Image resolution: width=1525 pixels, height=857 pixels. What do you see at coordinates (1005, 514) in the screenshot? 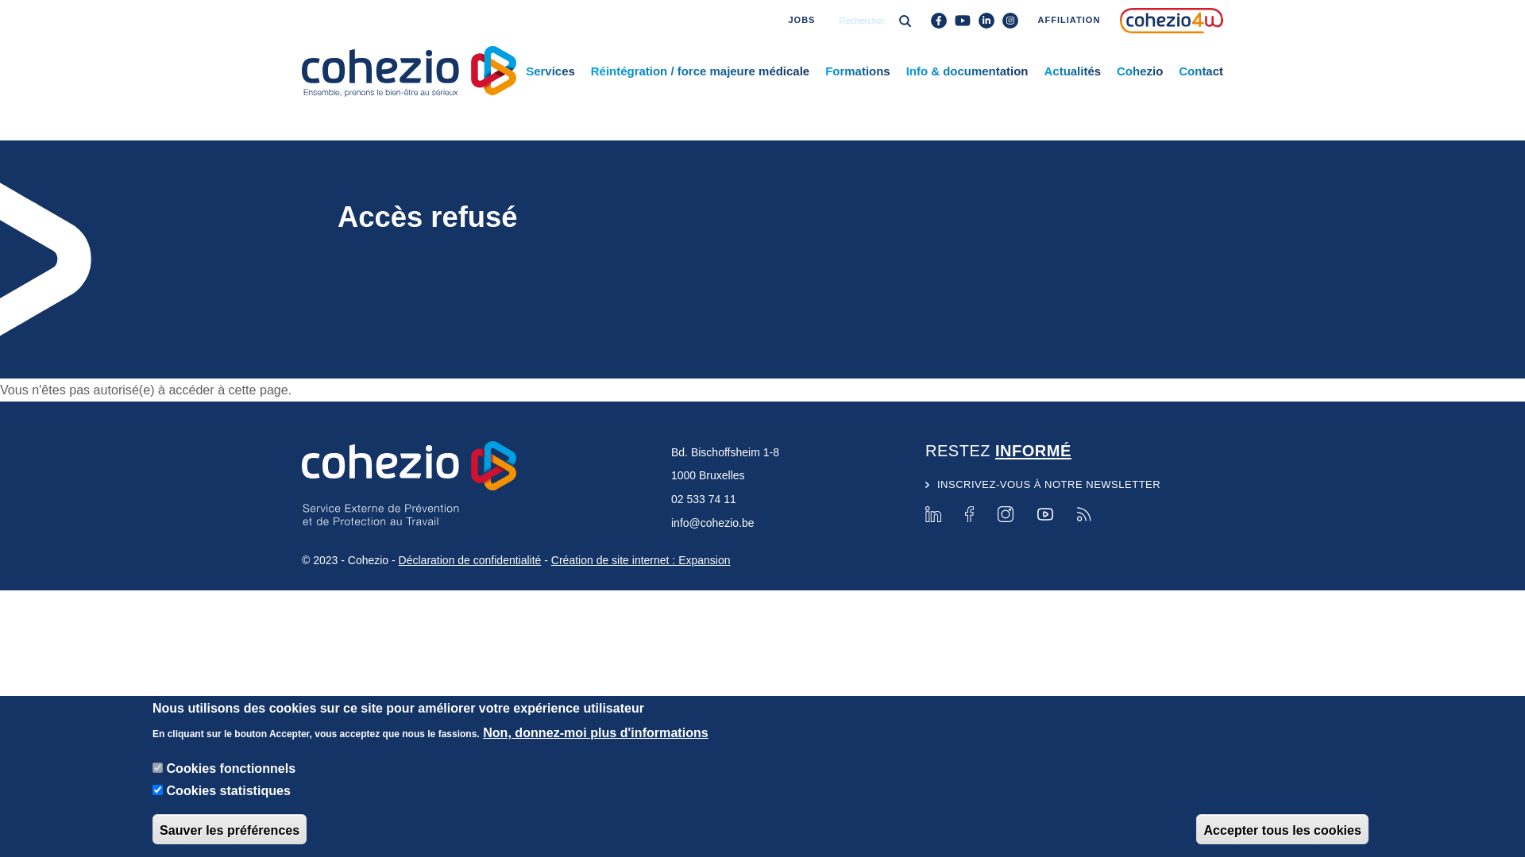
I see `'Instagram'` at bounding box center [1005, 514].